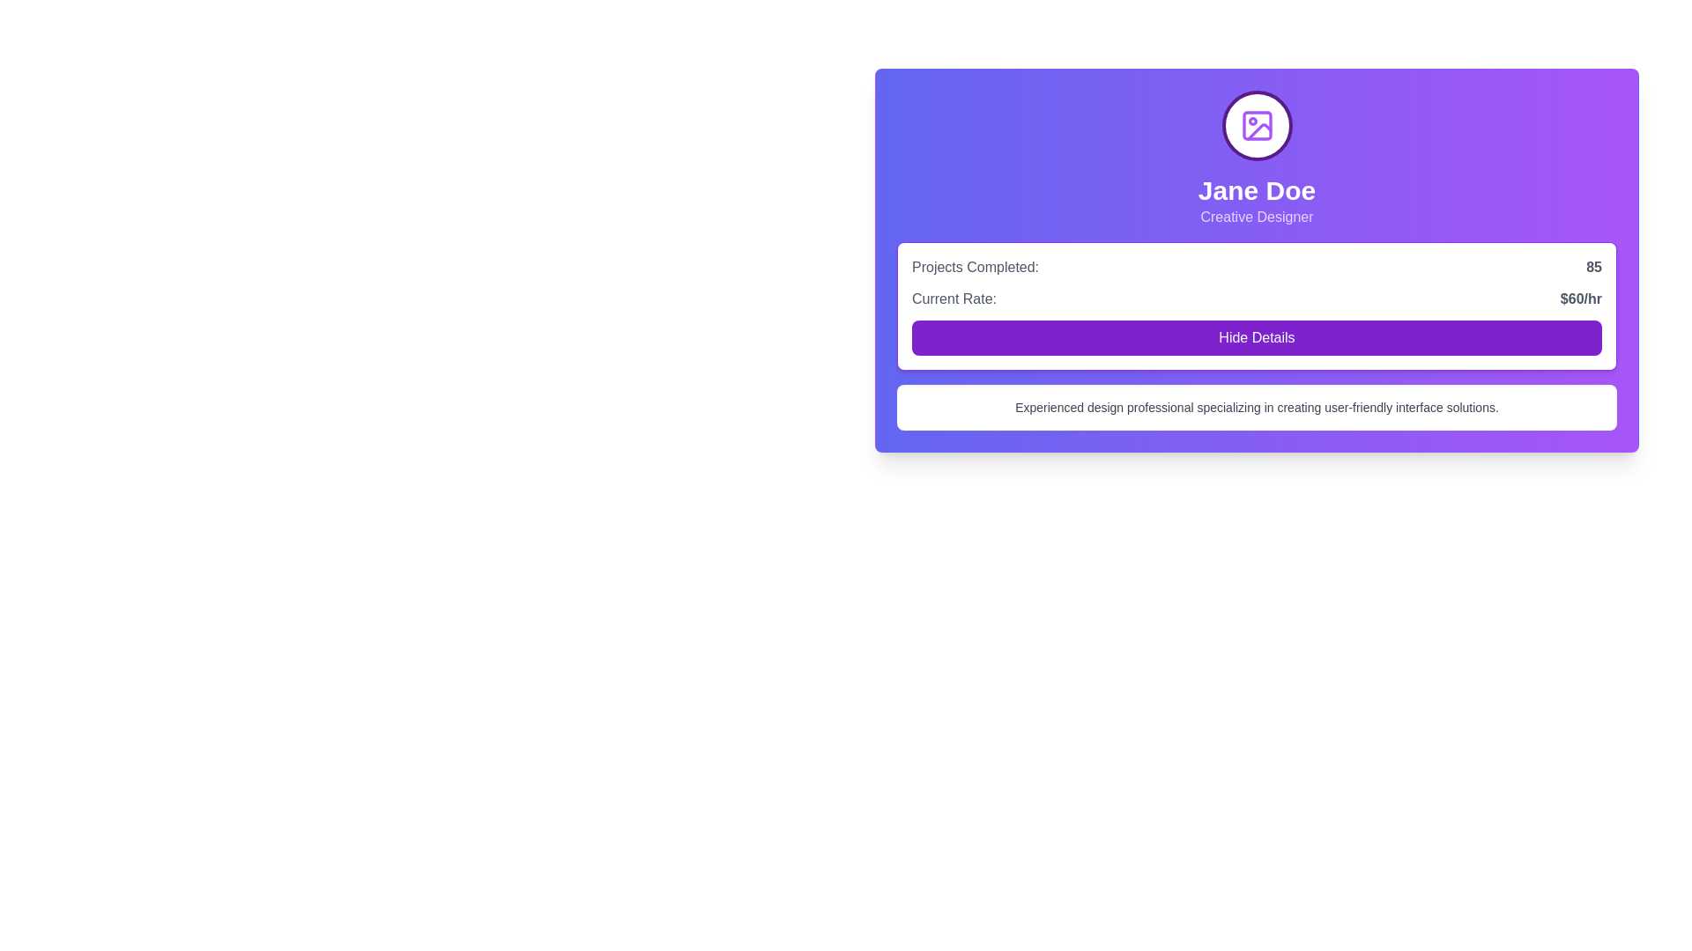 Image resolution: width=1692 pixels, height=951 pixels. What do you see at coordinates (1258, 130) in the screenshot?
I see `the purple triangle icon with a white circular background located in the upper center area of the profile card, above the name 'Jane Doe'` at bounding box center [1258, 130].